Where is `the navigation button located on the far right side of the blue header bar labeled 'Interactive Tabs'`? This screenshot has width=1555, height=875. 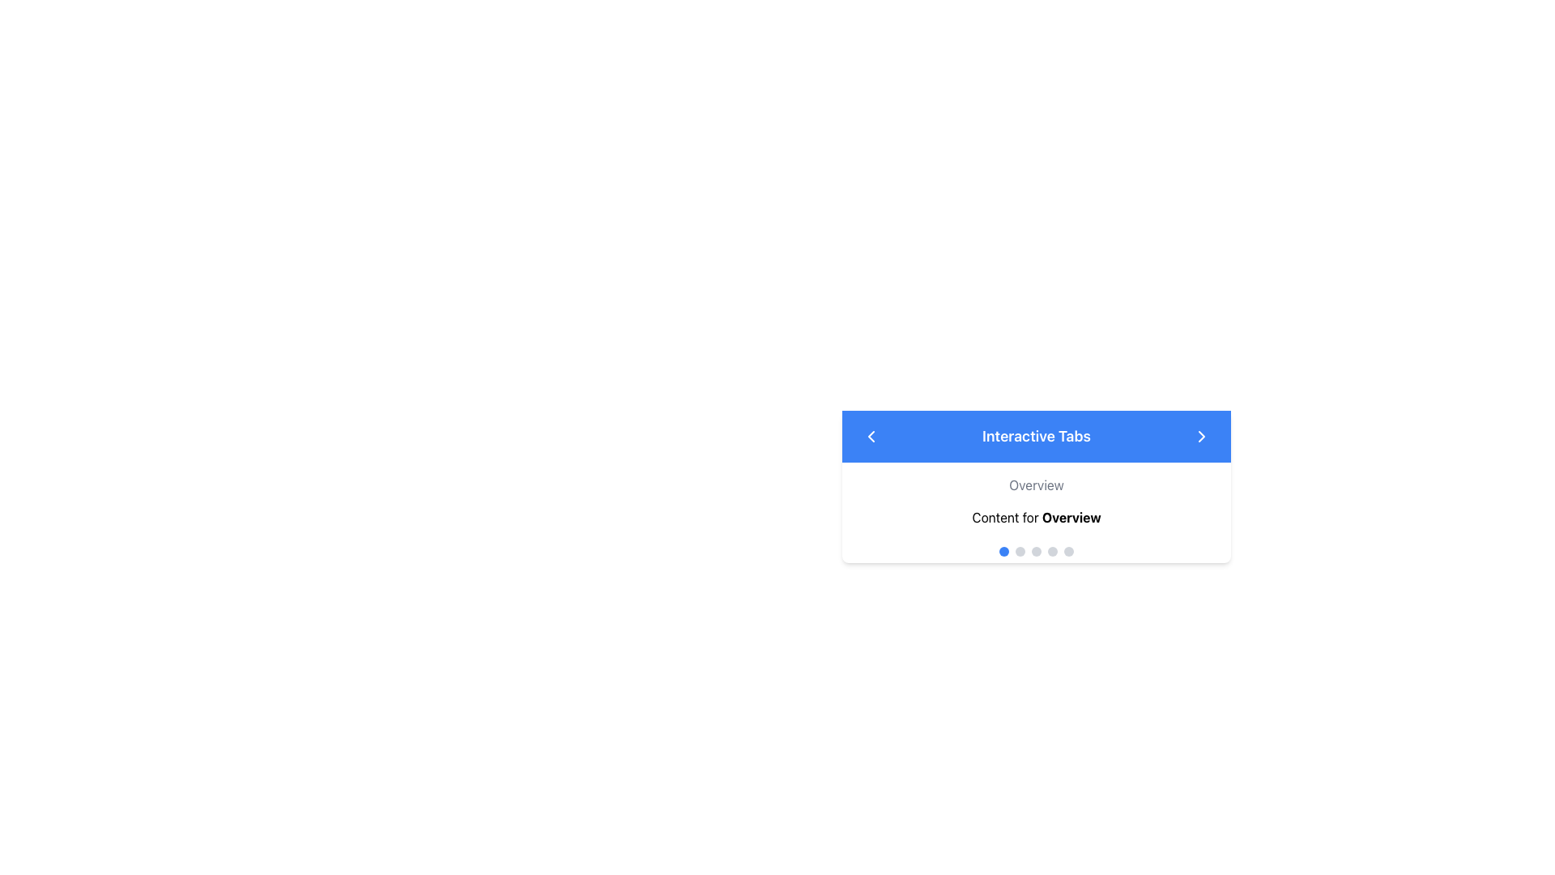 the navigation button located on the far right side of the blue header bar labeled 'Interactive Tabs' is located at coordinates (1201, 436).